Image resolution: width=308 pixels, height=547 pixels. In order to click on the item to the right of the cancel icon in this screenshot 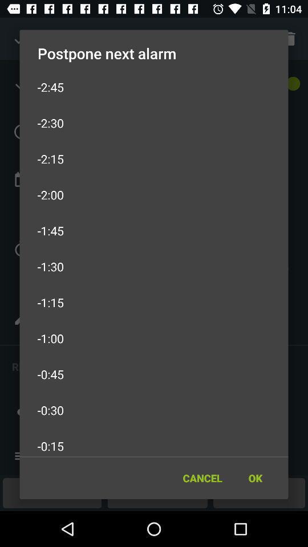, I will do `click(255, 478)`.